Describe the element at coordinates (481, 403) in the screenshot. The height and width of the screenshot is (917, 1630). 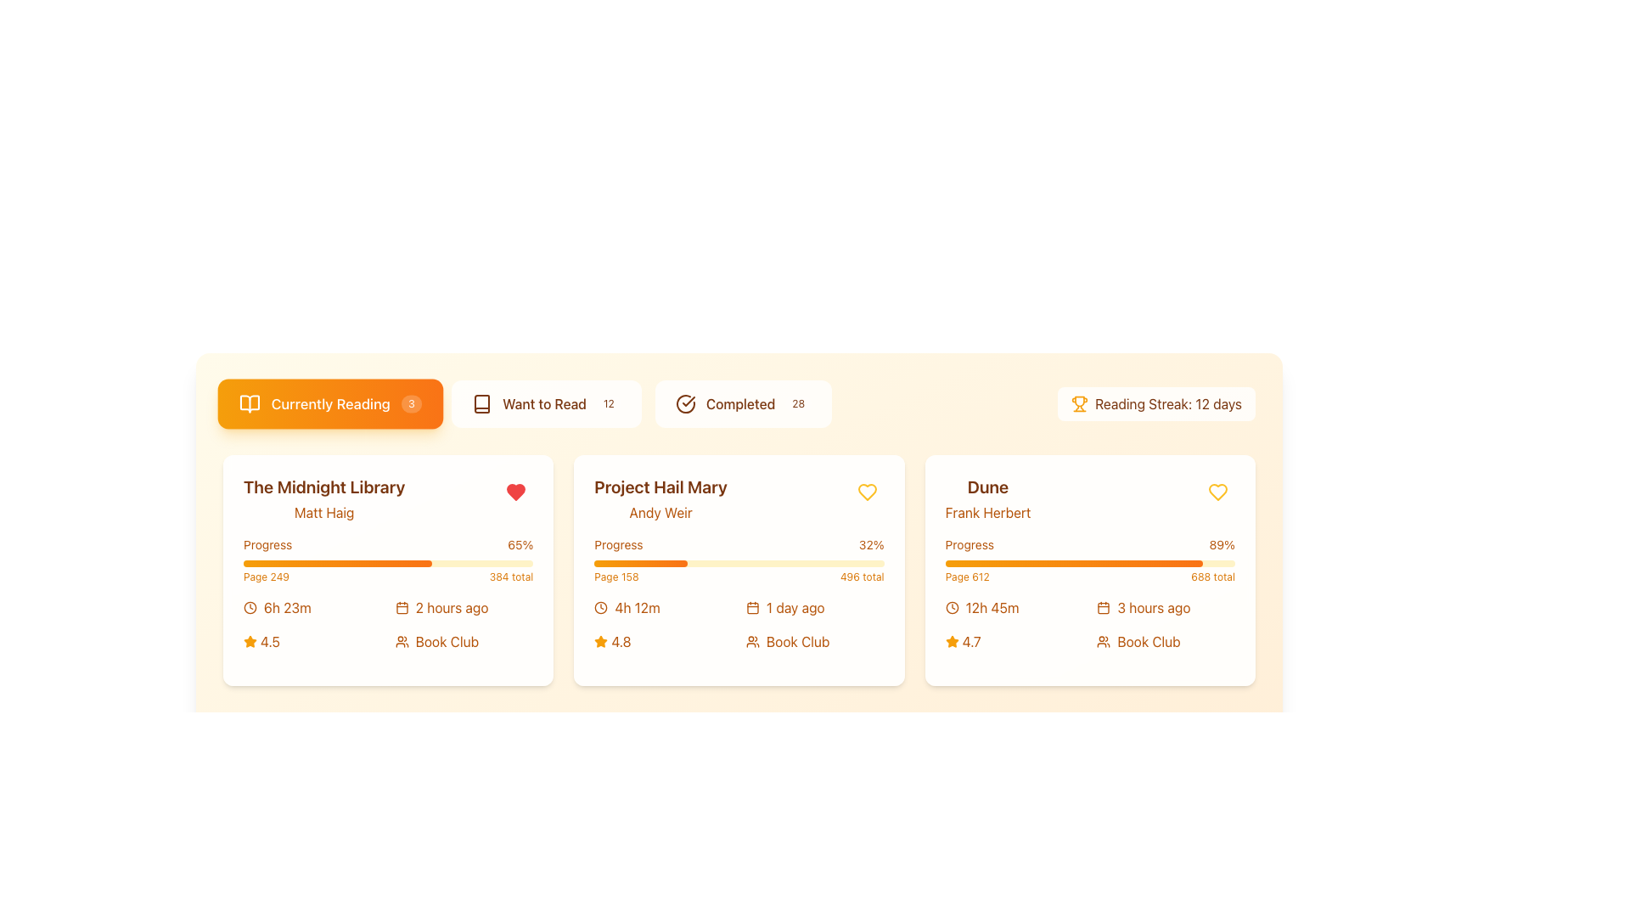
I see `the book icon that is part of the 'Want to Read' button, which is the second button in the toolbar and is located to the left of the text 'Want to Read'` at that location.